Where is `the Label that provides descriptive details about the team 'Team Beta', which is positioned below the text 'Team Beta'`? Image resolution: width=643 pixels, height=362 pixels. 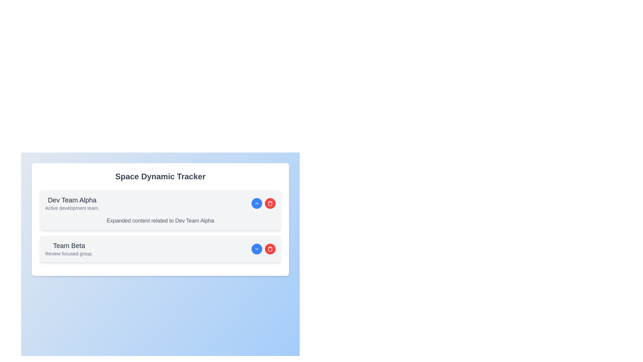
the Label that provides descriptive details about the team 'Team Beta', which is positioned below the text 'Team Beta' is located at coordinates (69, 253).